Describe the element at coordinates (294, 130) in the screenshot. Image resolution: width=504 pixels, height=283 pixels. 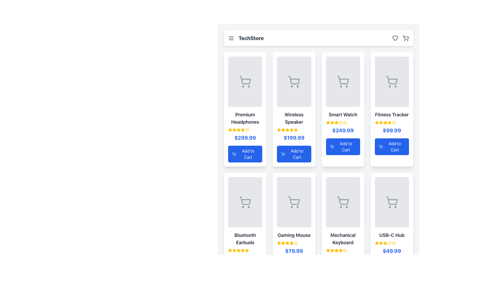
I see `the rating display for the 'Wireless Speaker' product, which consists of five star icons, three fully filled and one partially filled, indicating a 3.5-star rating` at that location.